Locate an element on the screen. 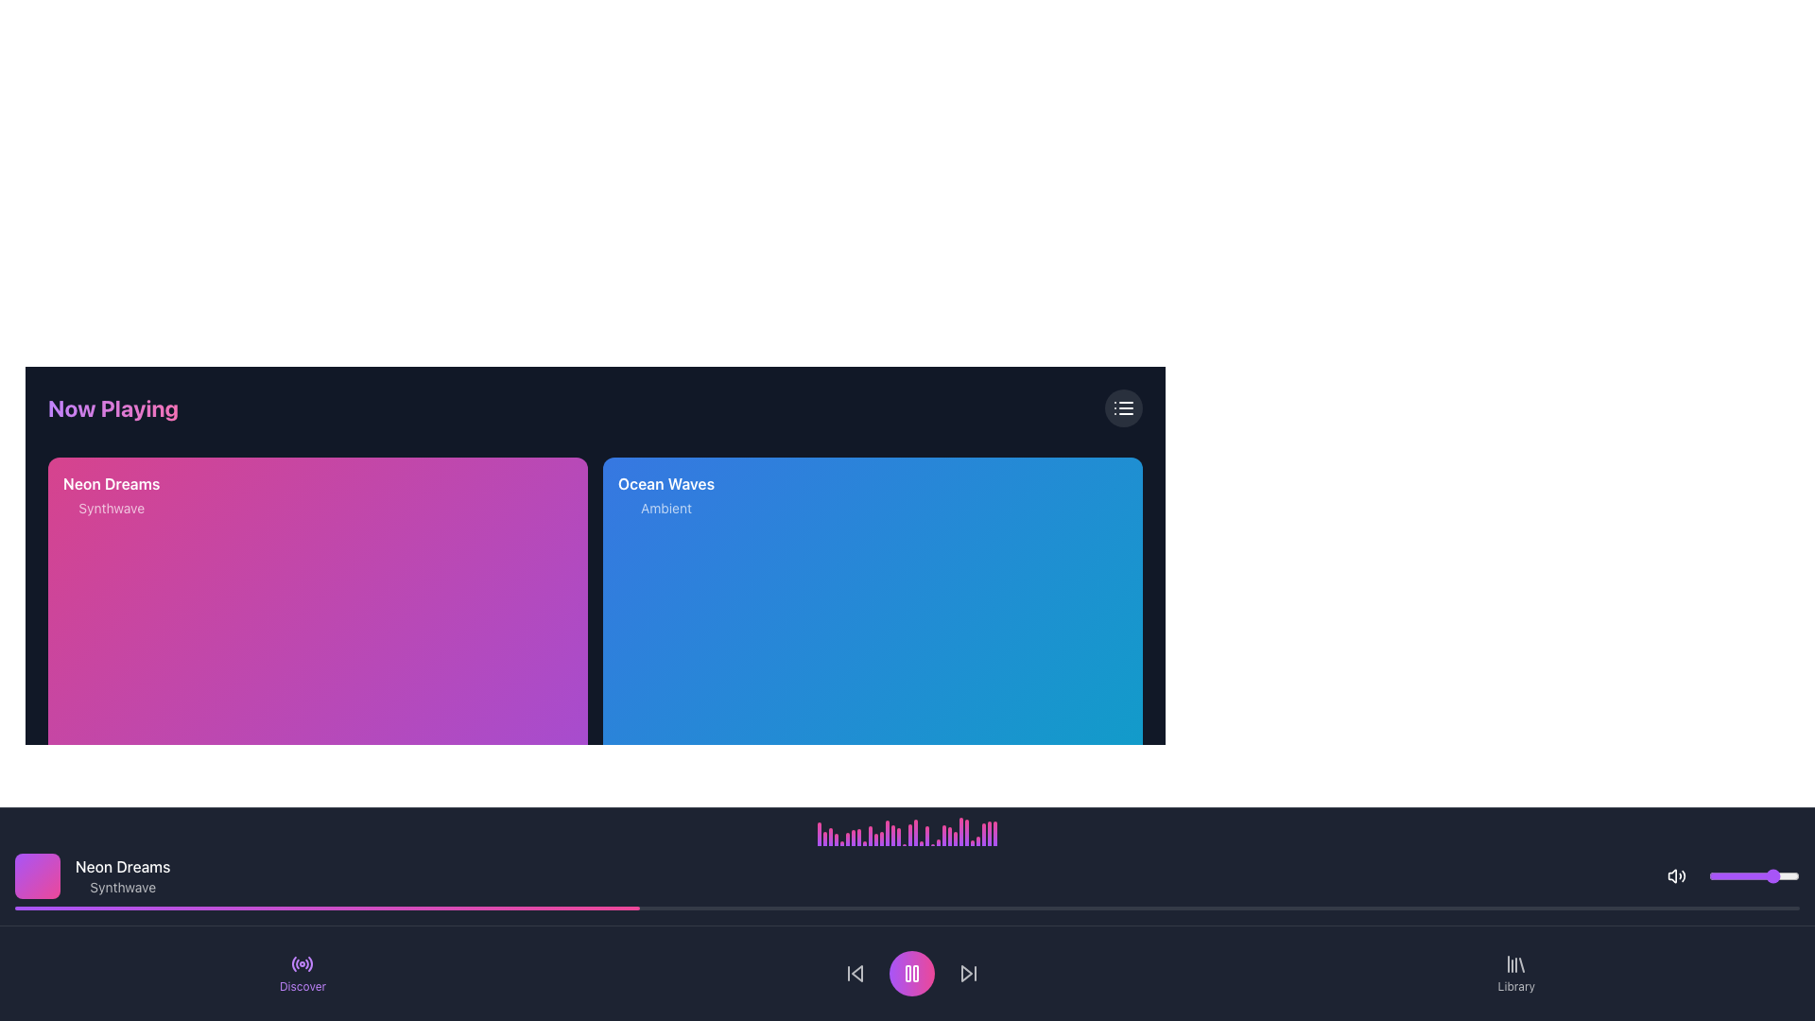  the 17th vertical Visualization bar, which has a gradient color scheme from pink to purple and rounded top corners, located above the playback controls is located at coordinates (910, 830).